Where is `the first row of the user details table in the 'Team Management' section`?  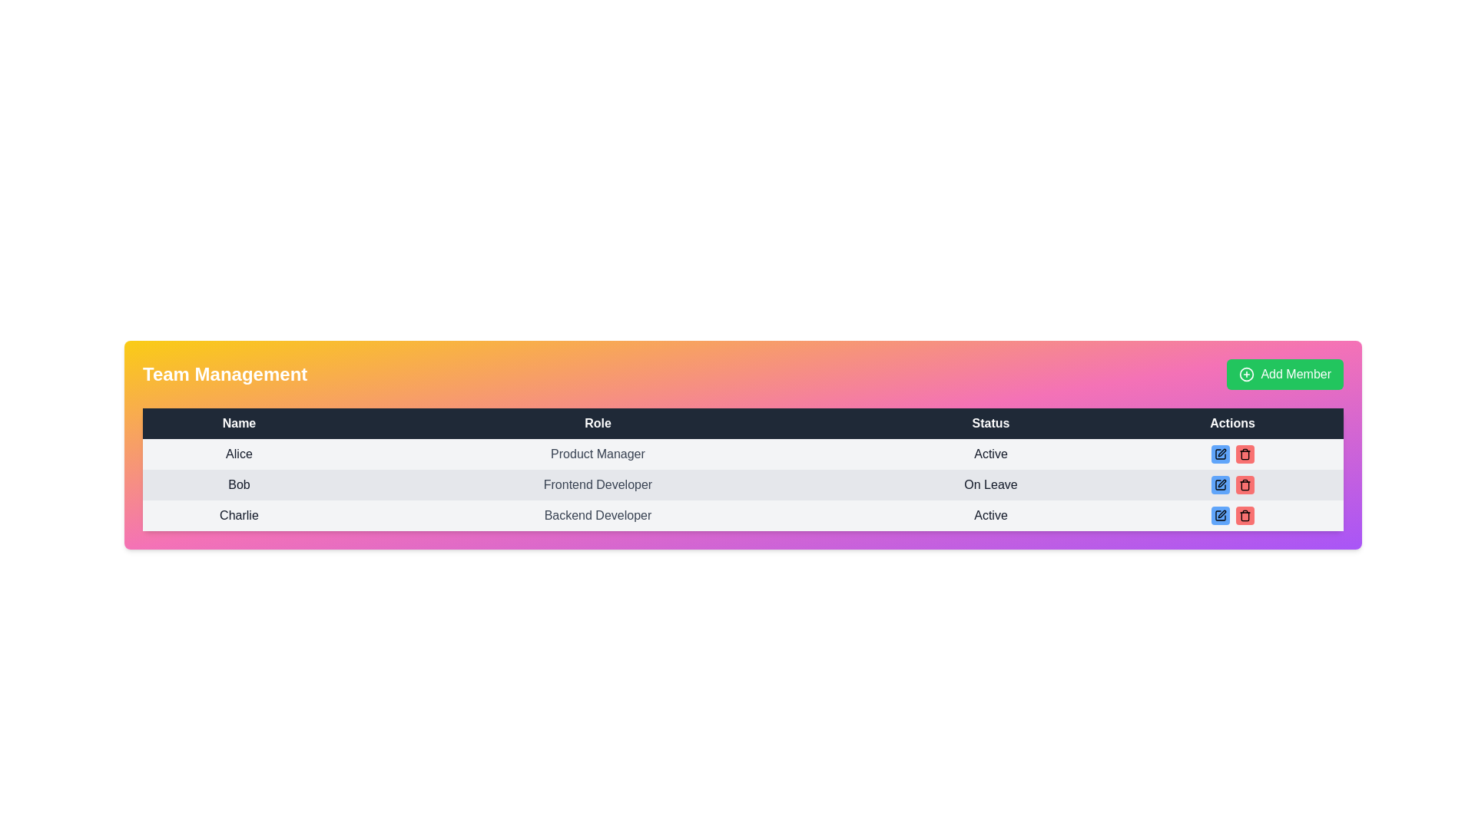 the first row of the user details table in the 'Team Management' section is located at coordinates (743, 453).